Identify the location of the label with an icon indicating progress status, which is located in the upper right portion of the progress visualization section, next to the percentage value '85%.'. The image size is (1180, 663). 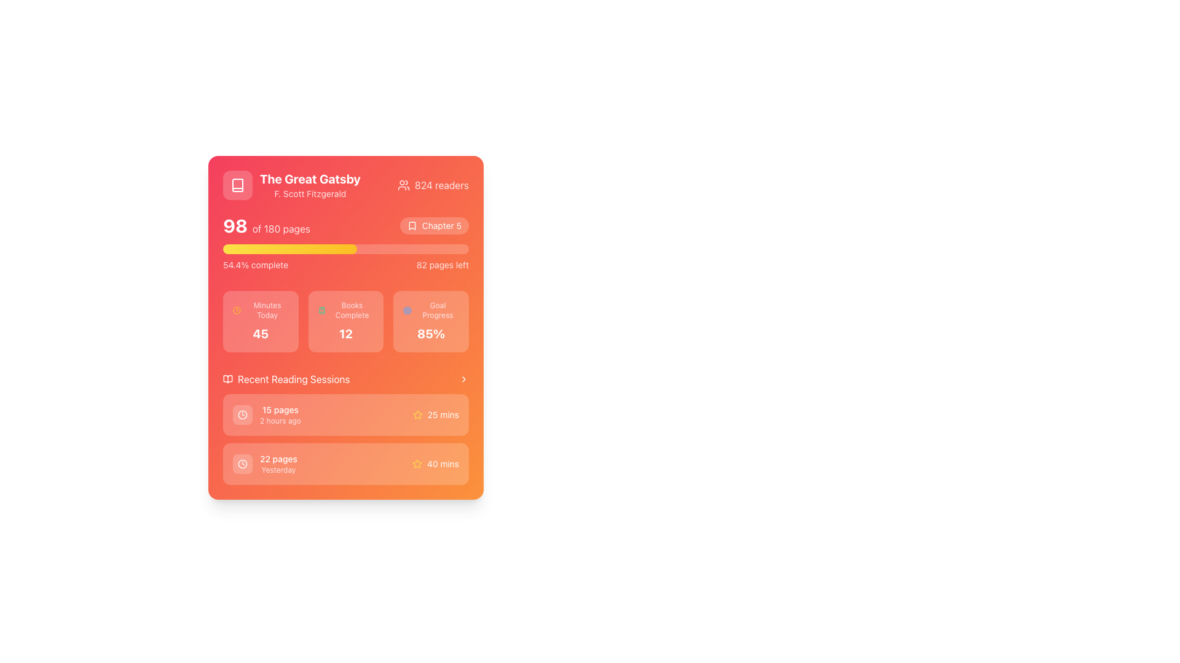
(431, 309).